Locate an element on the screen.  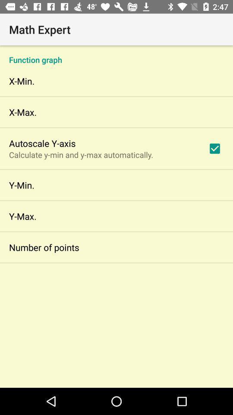
item to the right of the calculate y min icon is located at coordinates (214, 148).